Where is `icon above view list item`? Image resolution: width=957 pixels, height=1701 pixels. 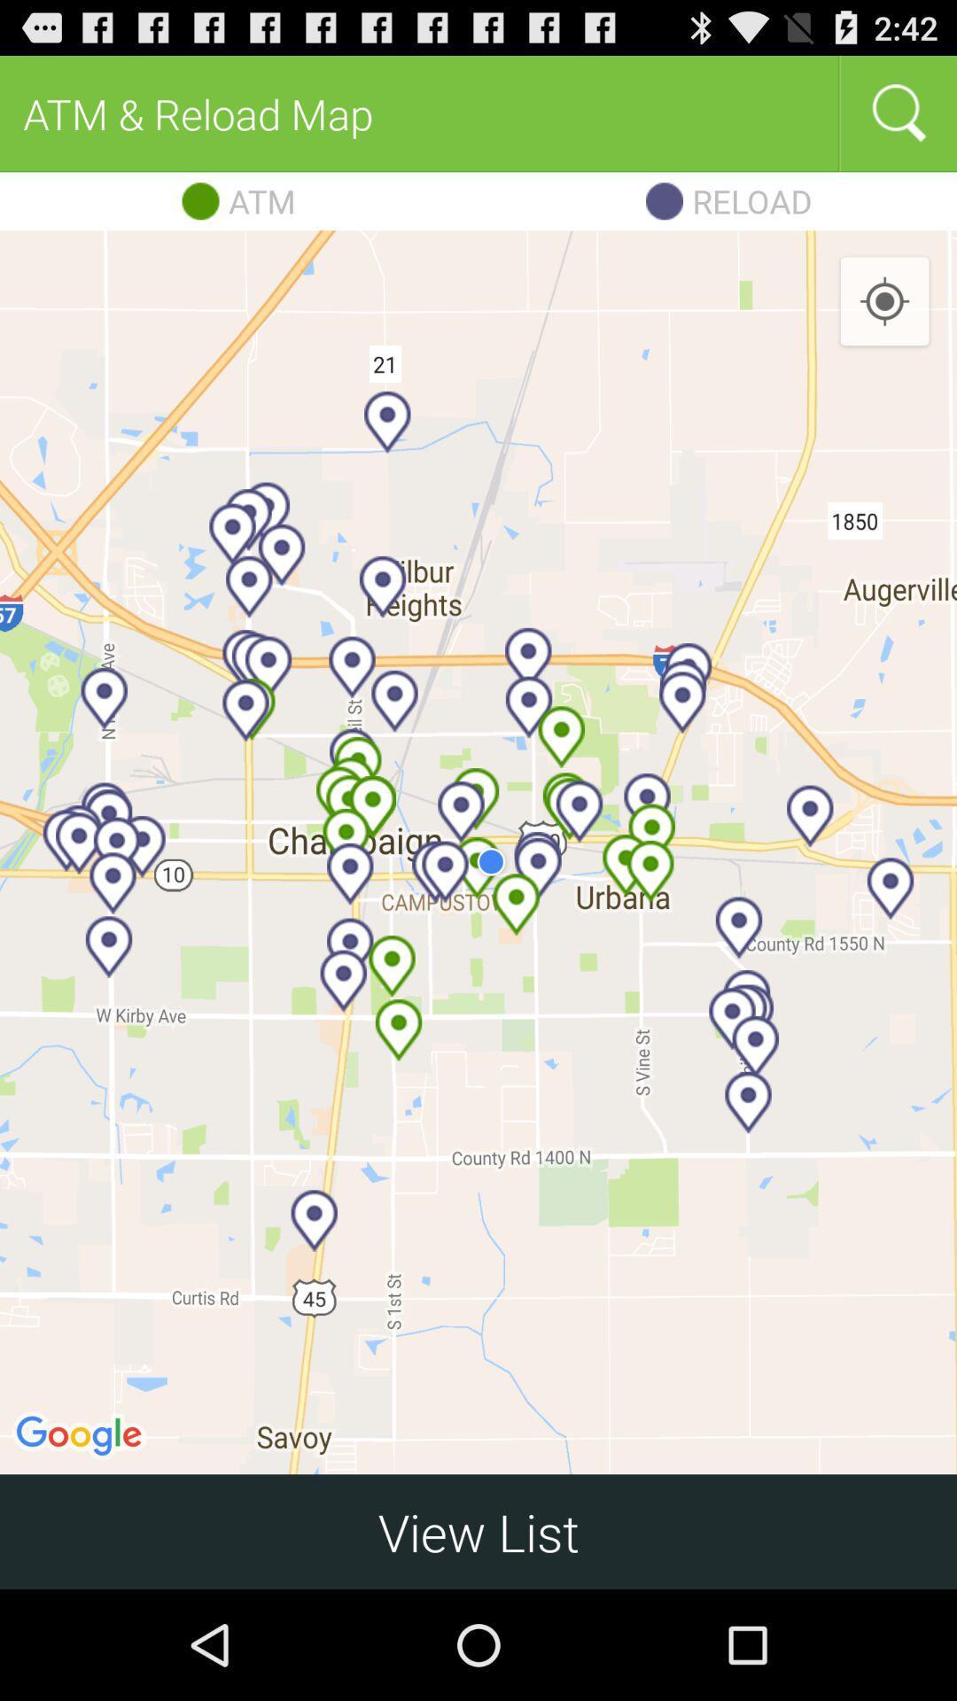
icon above view list item is located at coordinates (478, 852).